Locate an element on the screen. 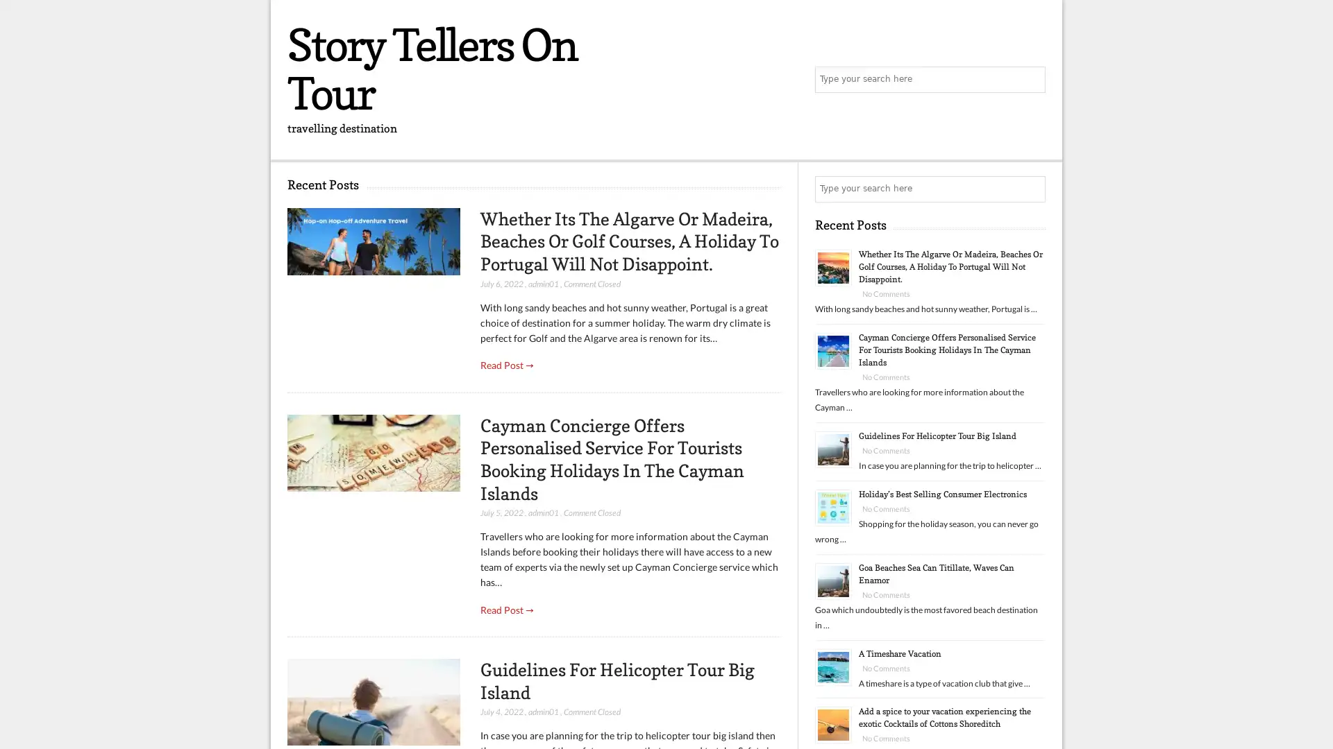  Search is located at coordinates (1031, 80).